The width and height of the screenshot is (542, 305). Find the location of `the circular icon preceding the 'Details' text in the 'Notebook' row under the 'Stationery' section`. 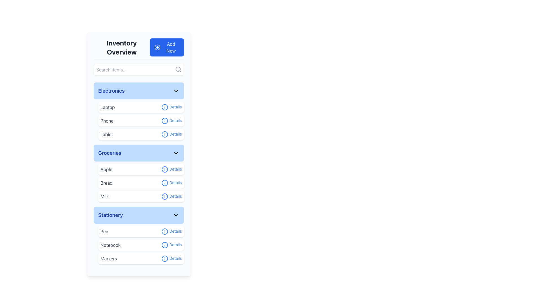

the circular icon preceding the 'Details' text in the 'Notebook' row under the 'Stationery' section is located at coordinates (164, 245).